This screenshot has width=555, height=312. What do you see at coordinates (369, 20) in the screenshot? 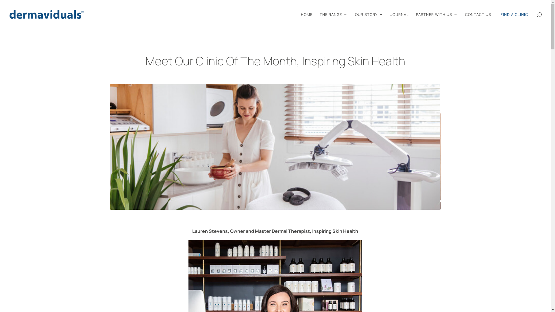
I see `'OUR STORY'` at bounding box center [369, 20].